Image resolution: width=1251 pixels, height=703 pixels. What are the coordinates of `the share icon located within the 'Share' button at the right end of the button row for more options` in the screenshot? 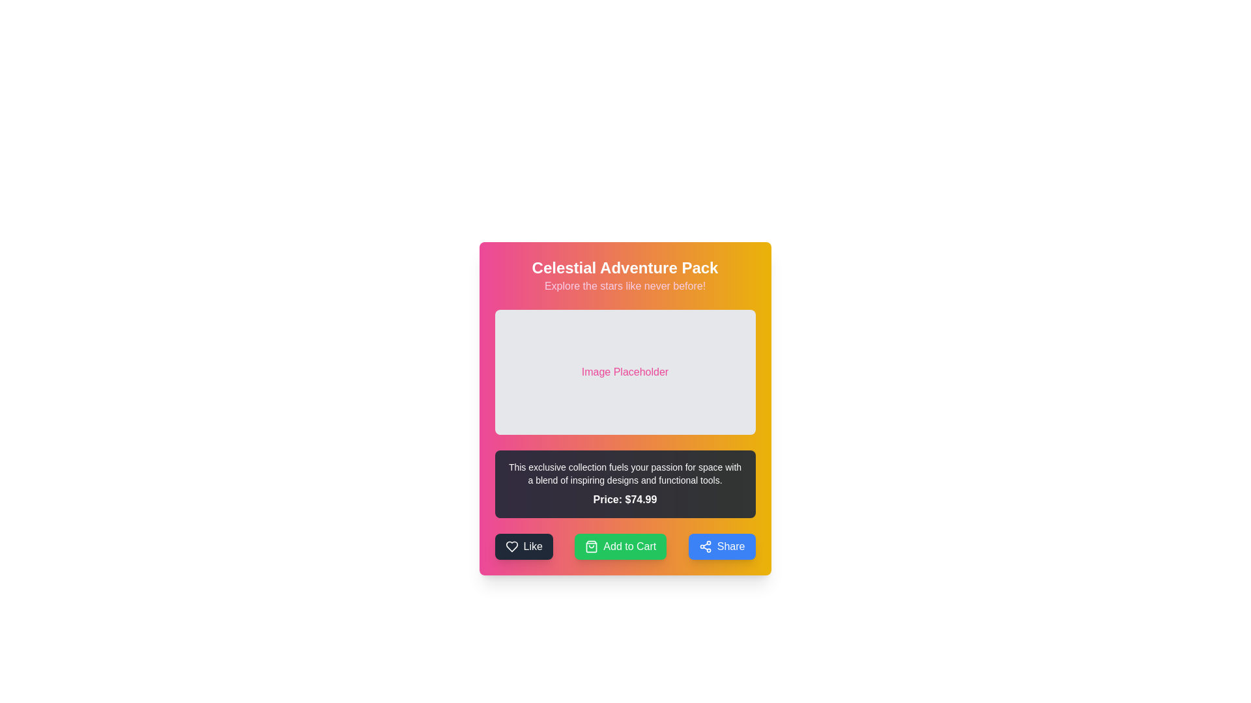 It's located at (704, 547).